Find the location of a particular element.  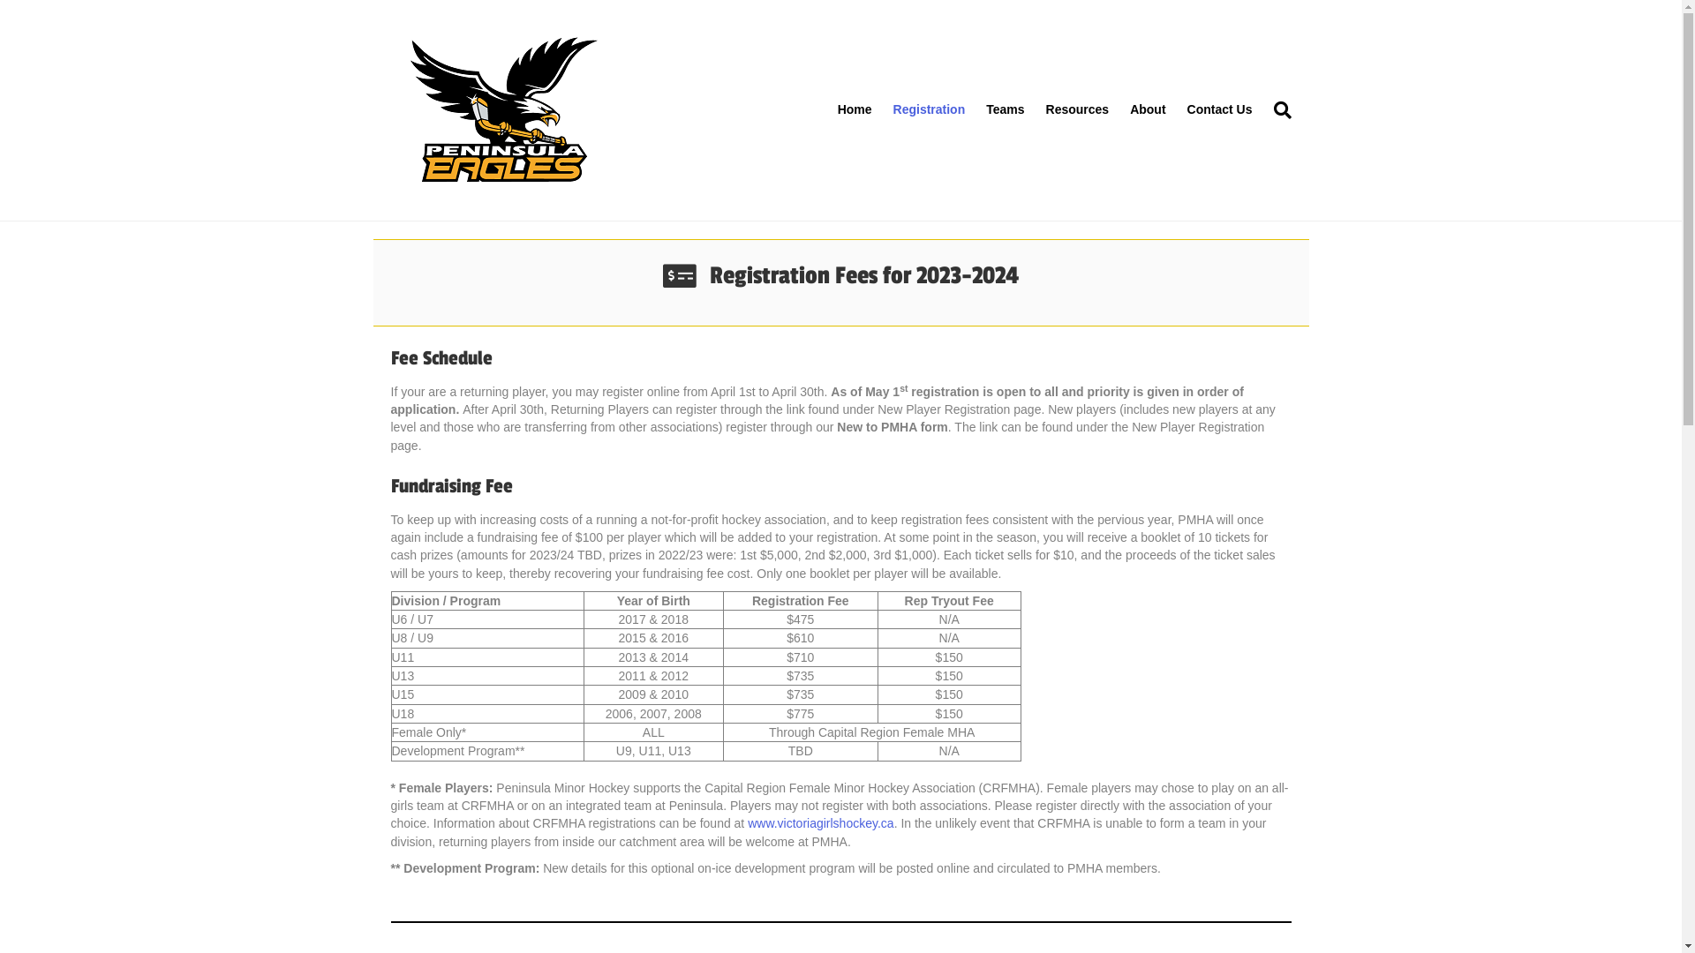

'Resources' is located at coordinates (1076, 109).